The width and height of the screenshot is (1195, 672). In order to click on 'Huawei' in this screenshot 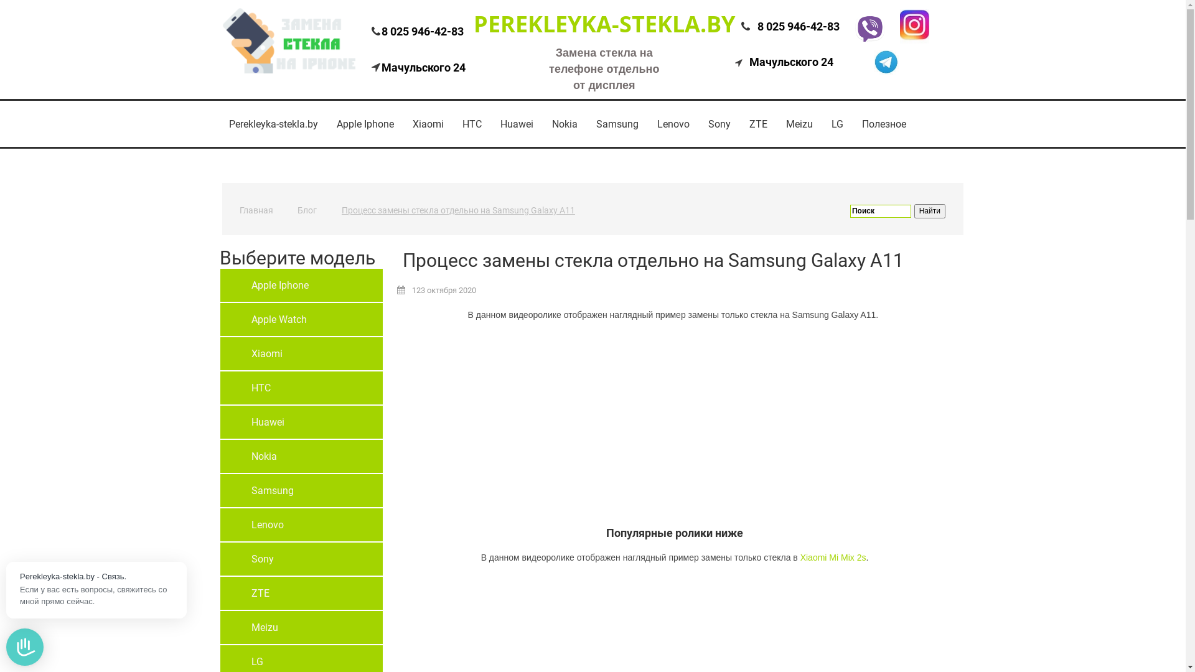, I will do `click(301, 421)`.